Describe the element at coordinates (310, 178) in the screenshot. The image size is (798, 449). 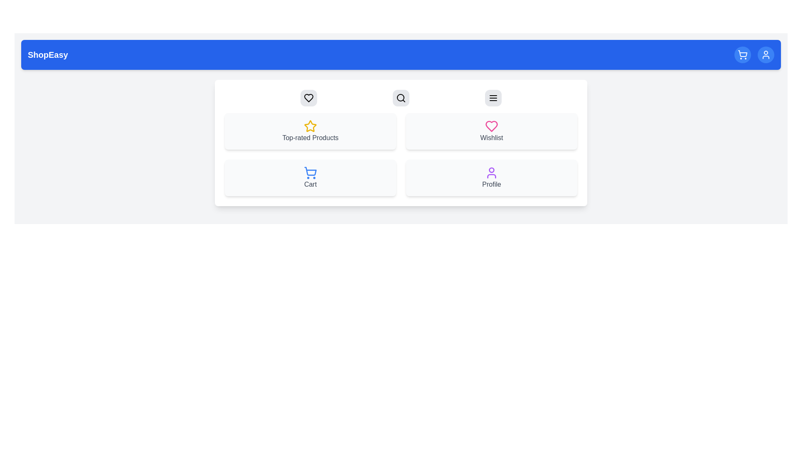
I see `the 'Cart' button-like card located at the bottom-left of the grid` at that location.